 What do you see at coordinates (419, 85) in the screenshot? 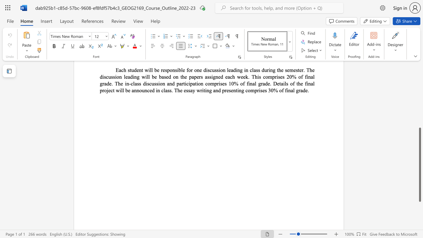
I see `the scrollbar to slide the page up` at bounding box center [419, 85].